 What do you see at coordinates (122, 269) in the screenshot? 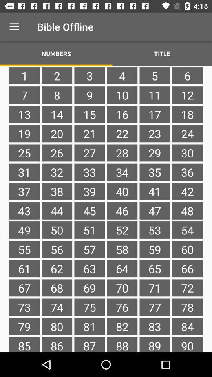
I see `the icon below the 57` at bounding box center [122, 269].